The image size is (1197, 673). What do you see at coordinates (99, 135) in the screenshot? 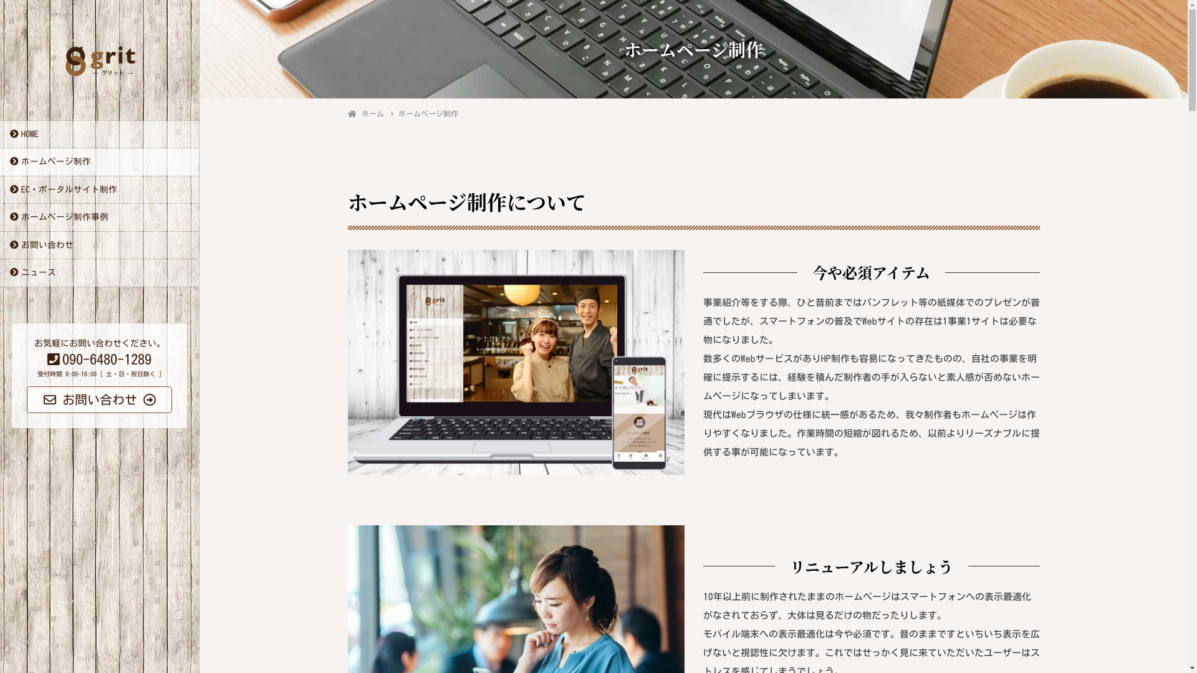
I see `'HOME'` at bounding box center [99, 135].